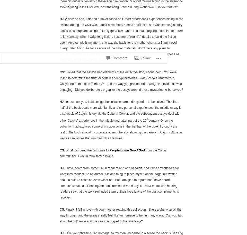 Image resolution: width=247 pixels, height=235 pixels. Describe the element at coordinates (119, 183) in the screenshot. I see `': I have heard from some Cajun readers and one Acadian, and I was anxious to hear what they thought. As an author, it is one thing to place myself on the page, but writing about a culture casts an even wider net. But I am glad to report that I have heard comments such as: Reading the book reminded me of my life. As a memoirist, hearing readers say that the work reminded them of their lives is one of the best compliments to receive.'` at that location.